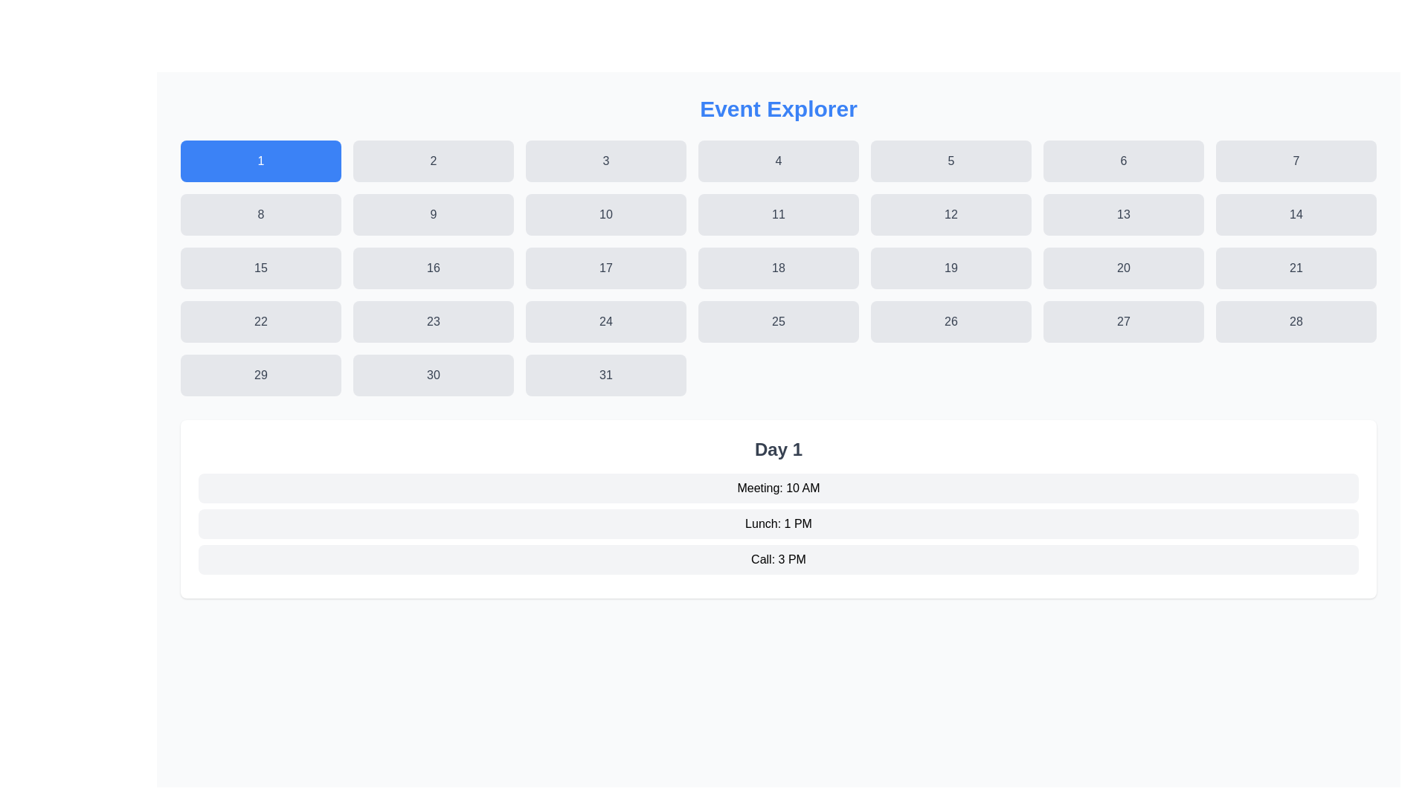 Image resolution: width=1428 pixels, height=803 pixels. Describe the element at coordinates (1295, 215) in the screenshot. I see `the rectangular button with rounded corners, gray background, and the text '14' in dark gray font, located in the second row of the grid layout` at that location.